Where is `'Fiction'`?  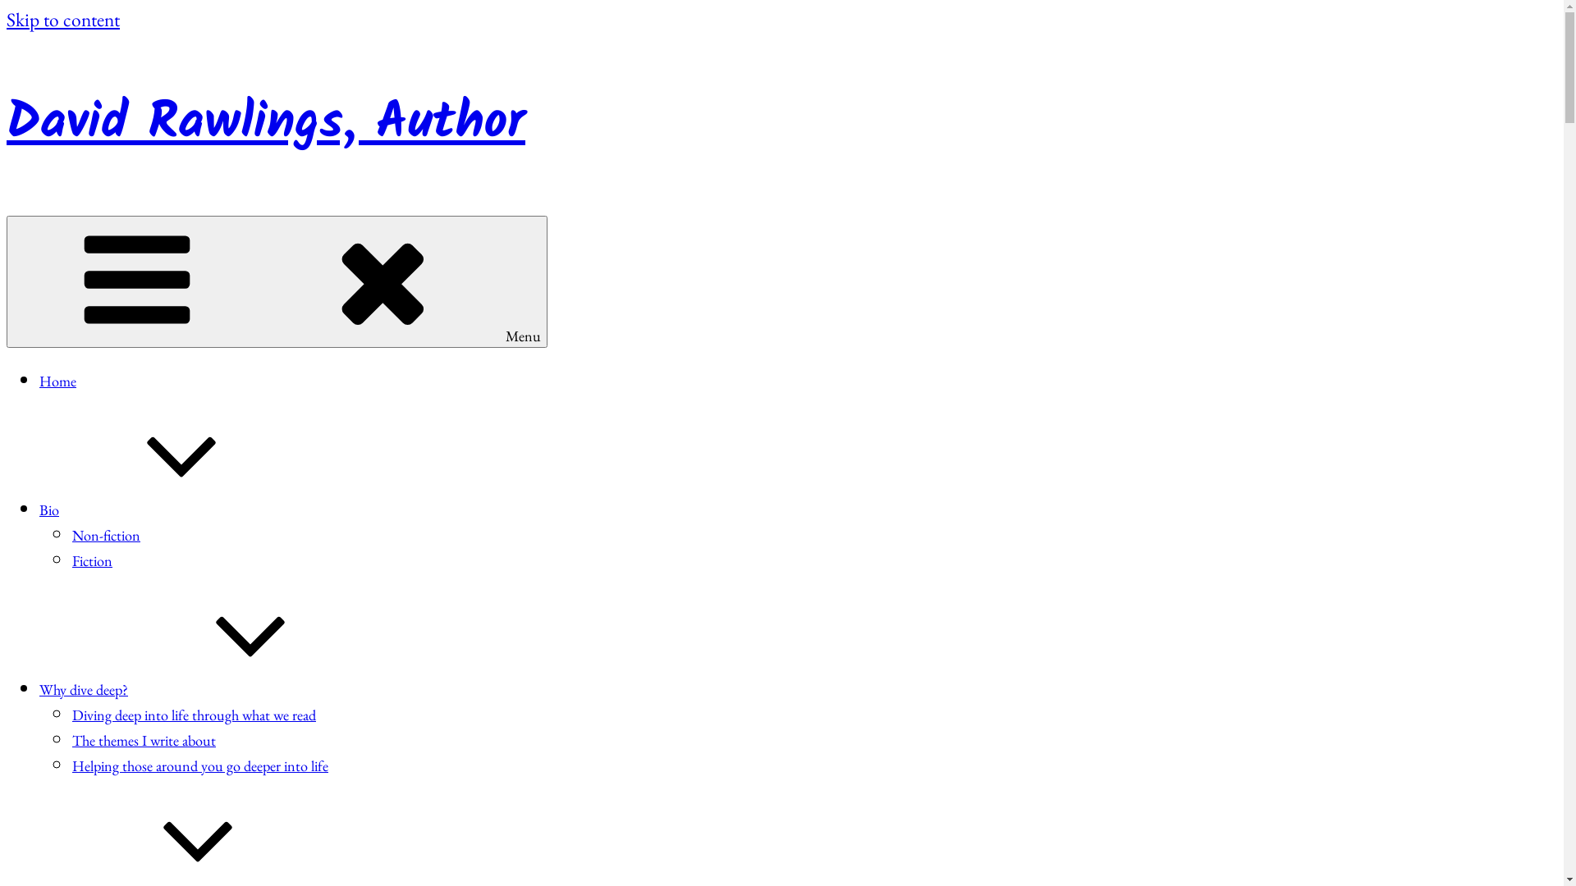
'Fiction' is located at coordinates (91, 559).